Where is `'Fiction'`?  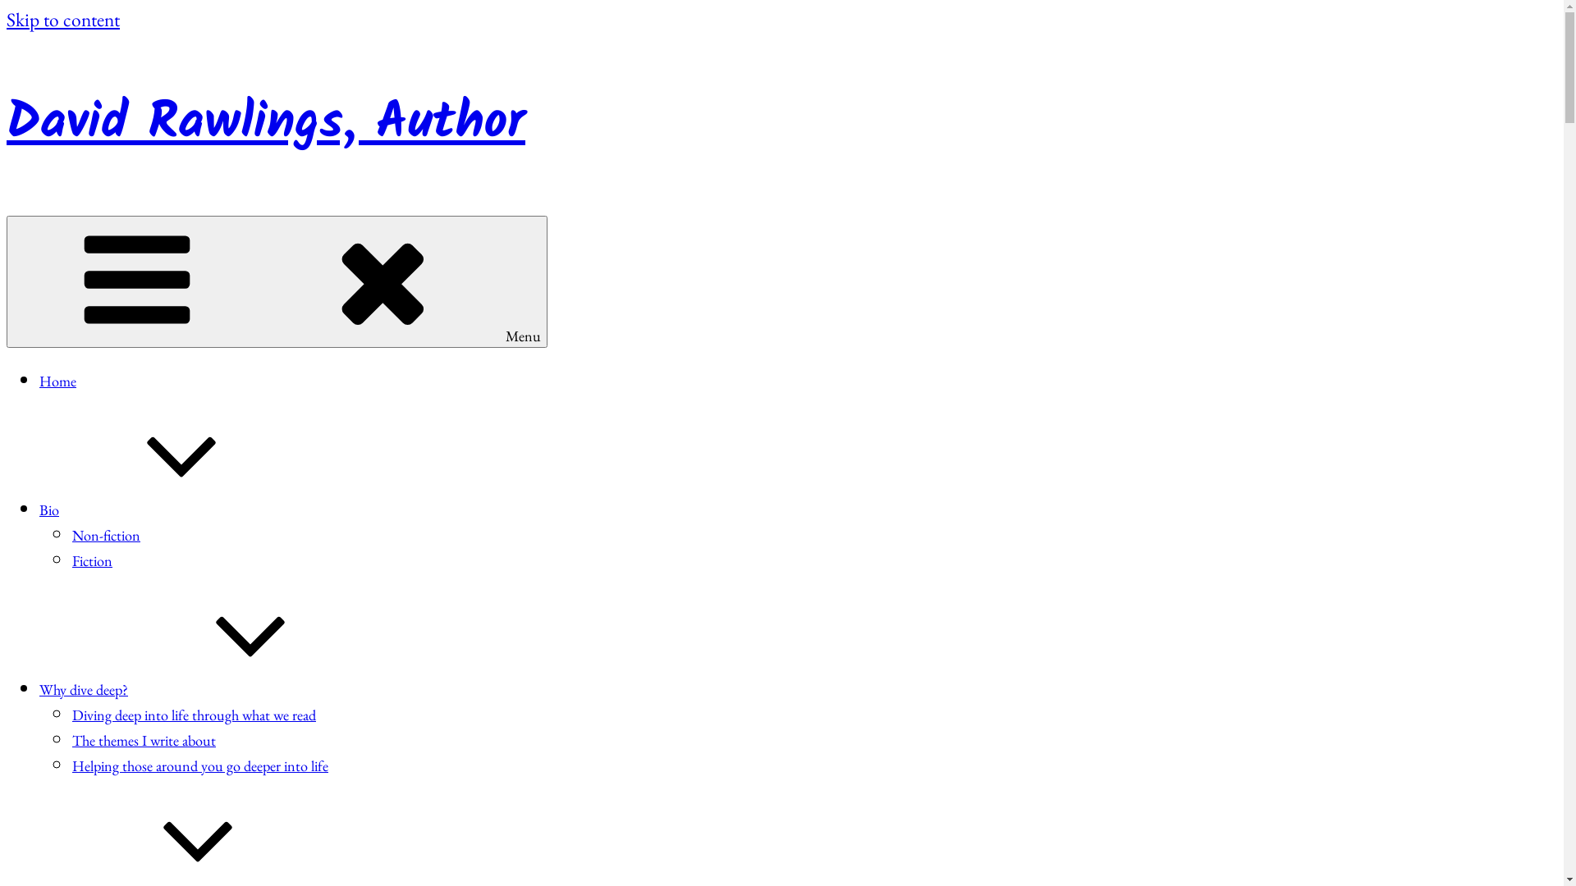
'Fiction' is located at coordinates (91, 559).